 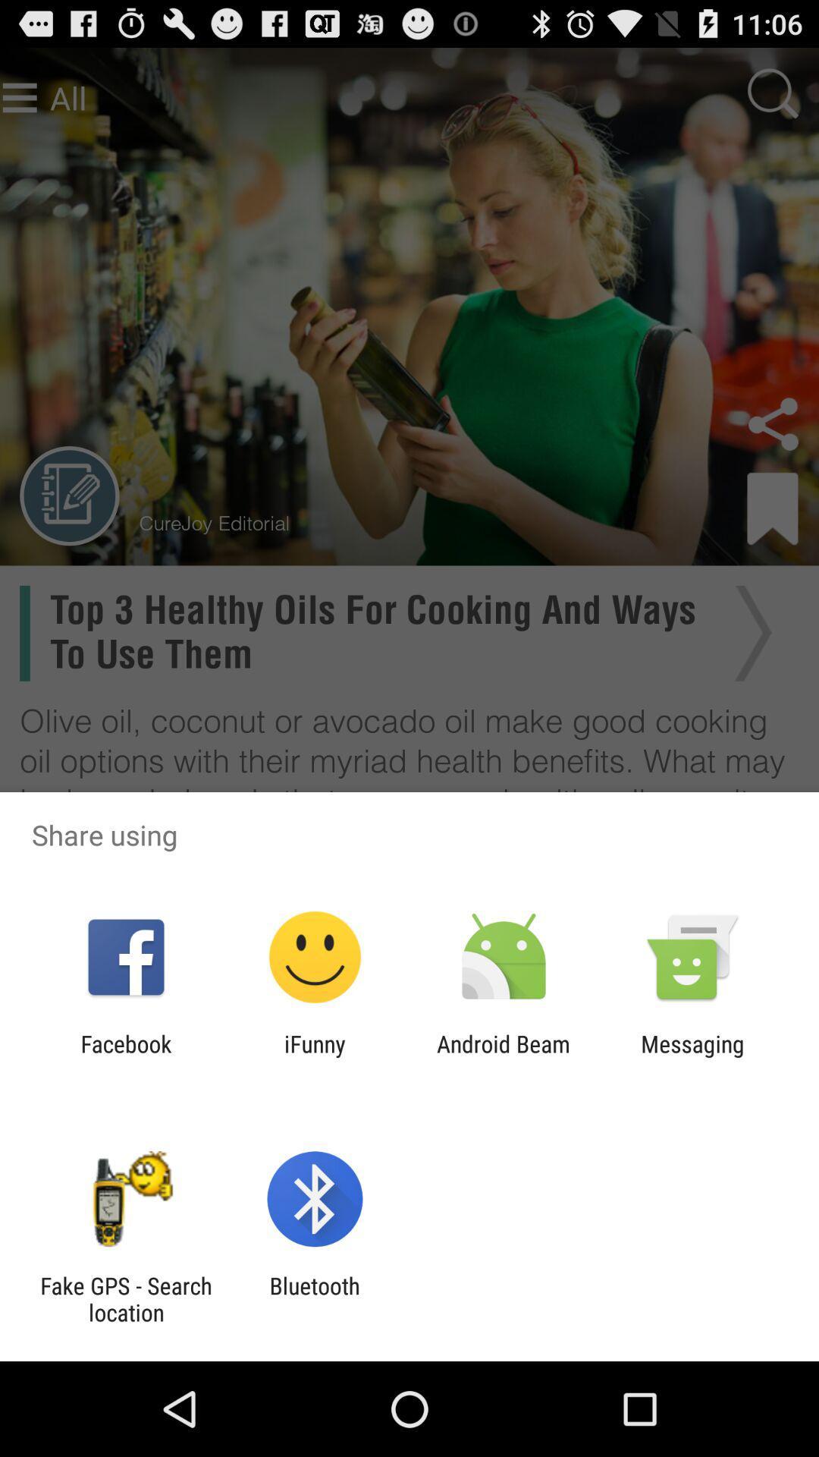 What do you see at coordinates (125, 1298) in the screenshot?
I see `the fake gps search item` at bounding box center [125, 1298].